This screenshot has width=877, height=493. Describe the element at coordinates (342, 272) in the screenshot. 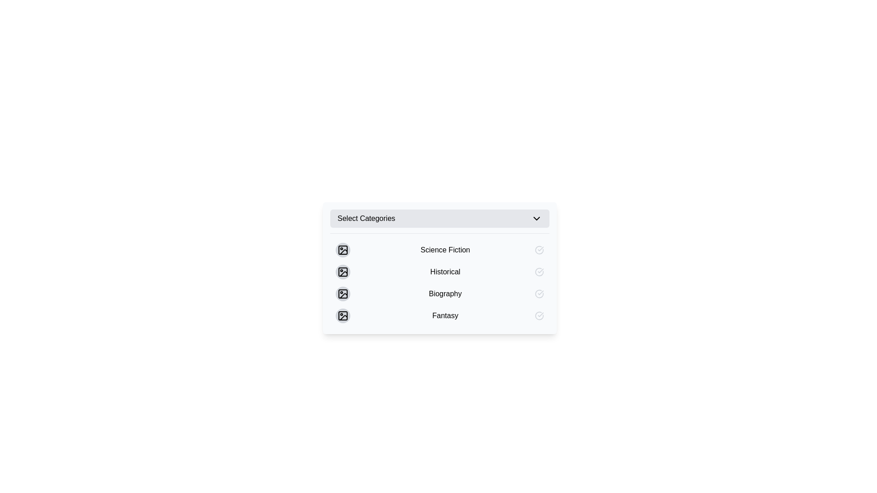

I see `the second icon in the vertical list of four icons on the left side of the category selection dropdown, which resembles a picture frame with a rounded border and a diagonal line indicating the absence of an image` at that location.